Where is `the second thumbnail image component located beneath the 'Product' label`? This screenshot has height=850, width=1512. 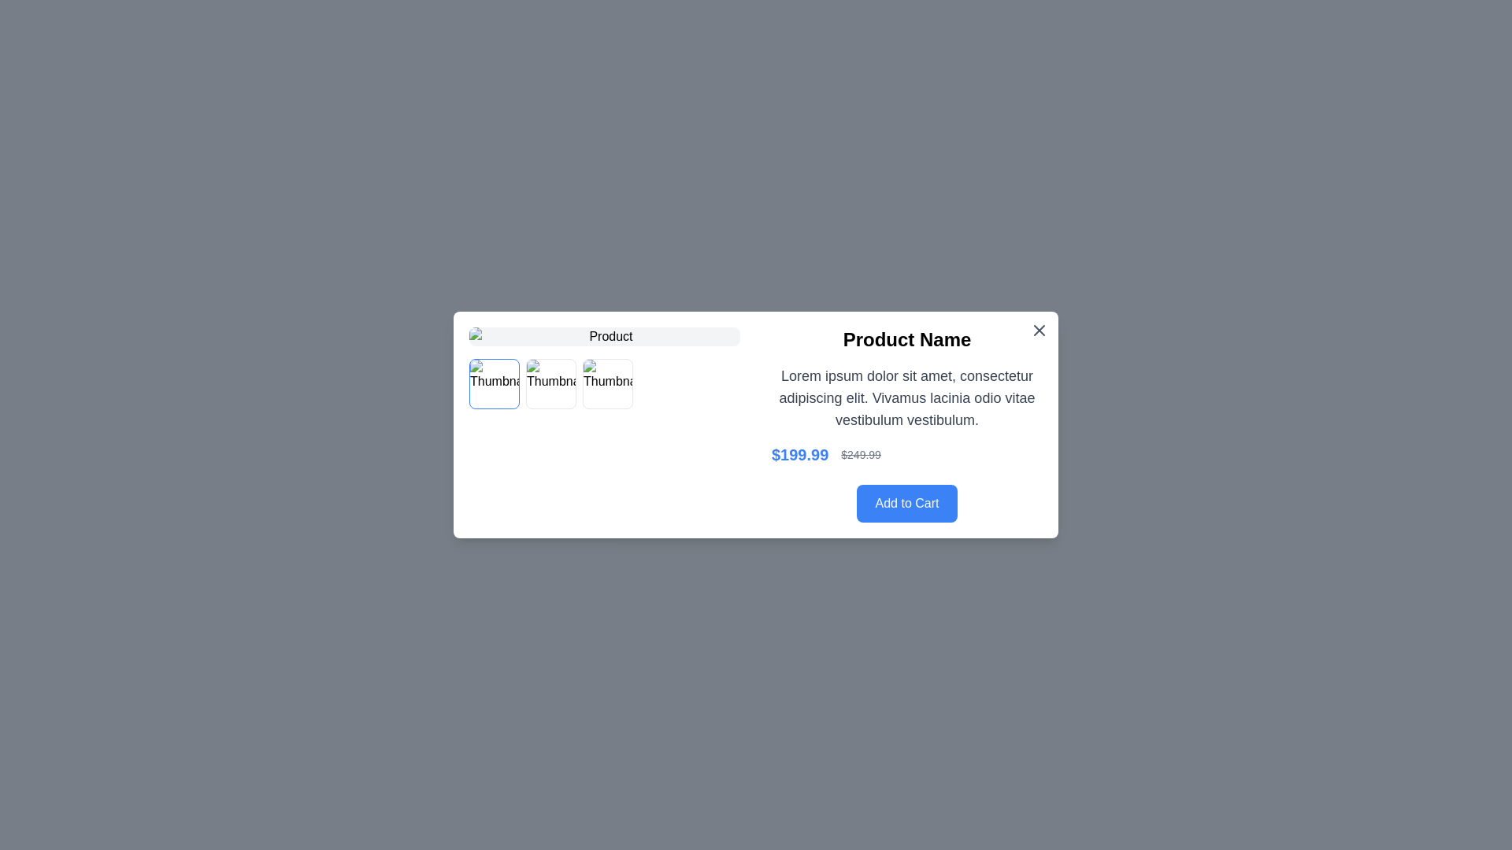
the second thumbnail image component located beneath the 'Product' label is located at coordinates (551, 384).